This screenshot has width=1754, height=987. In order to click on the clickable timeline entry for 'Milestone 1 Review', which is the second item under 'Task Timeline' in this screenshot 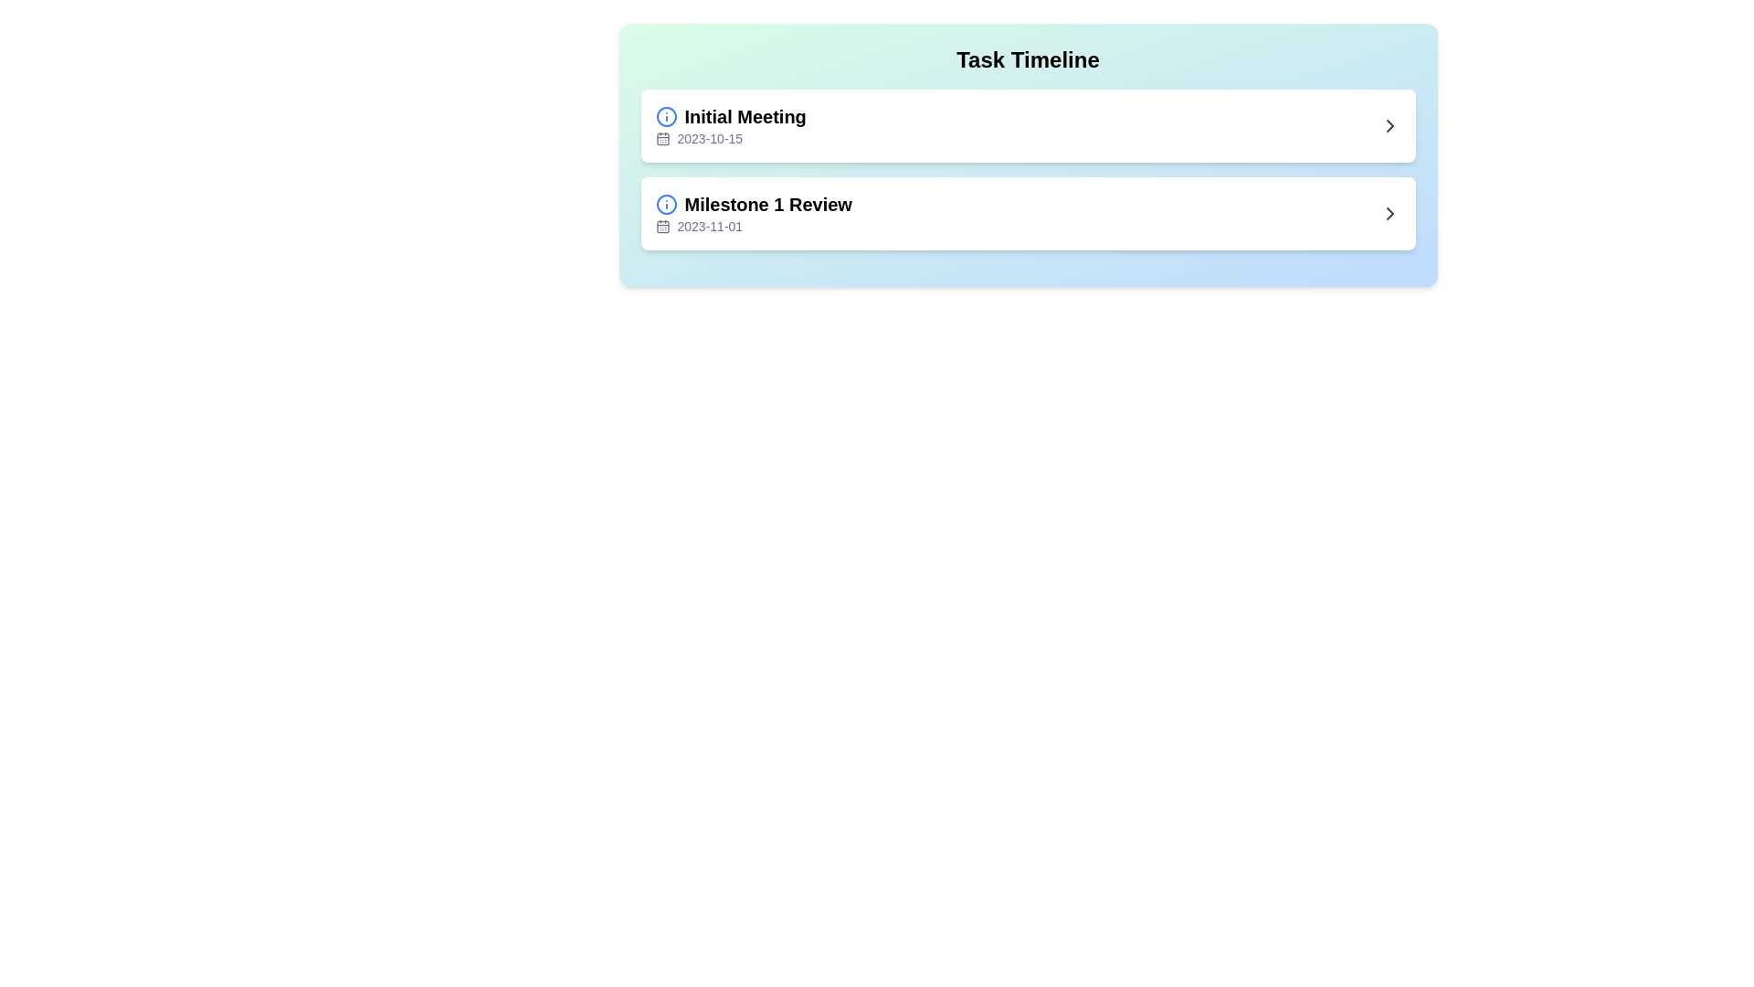, I will do `click(1028, 213)`.